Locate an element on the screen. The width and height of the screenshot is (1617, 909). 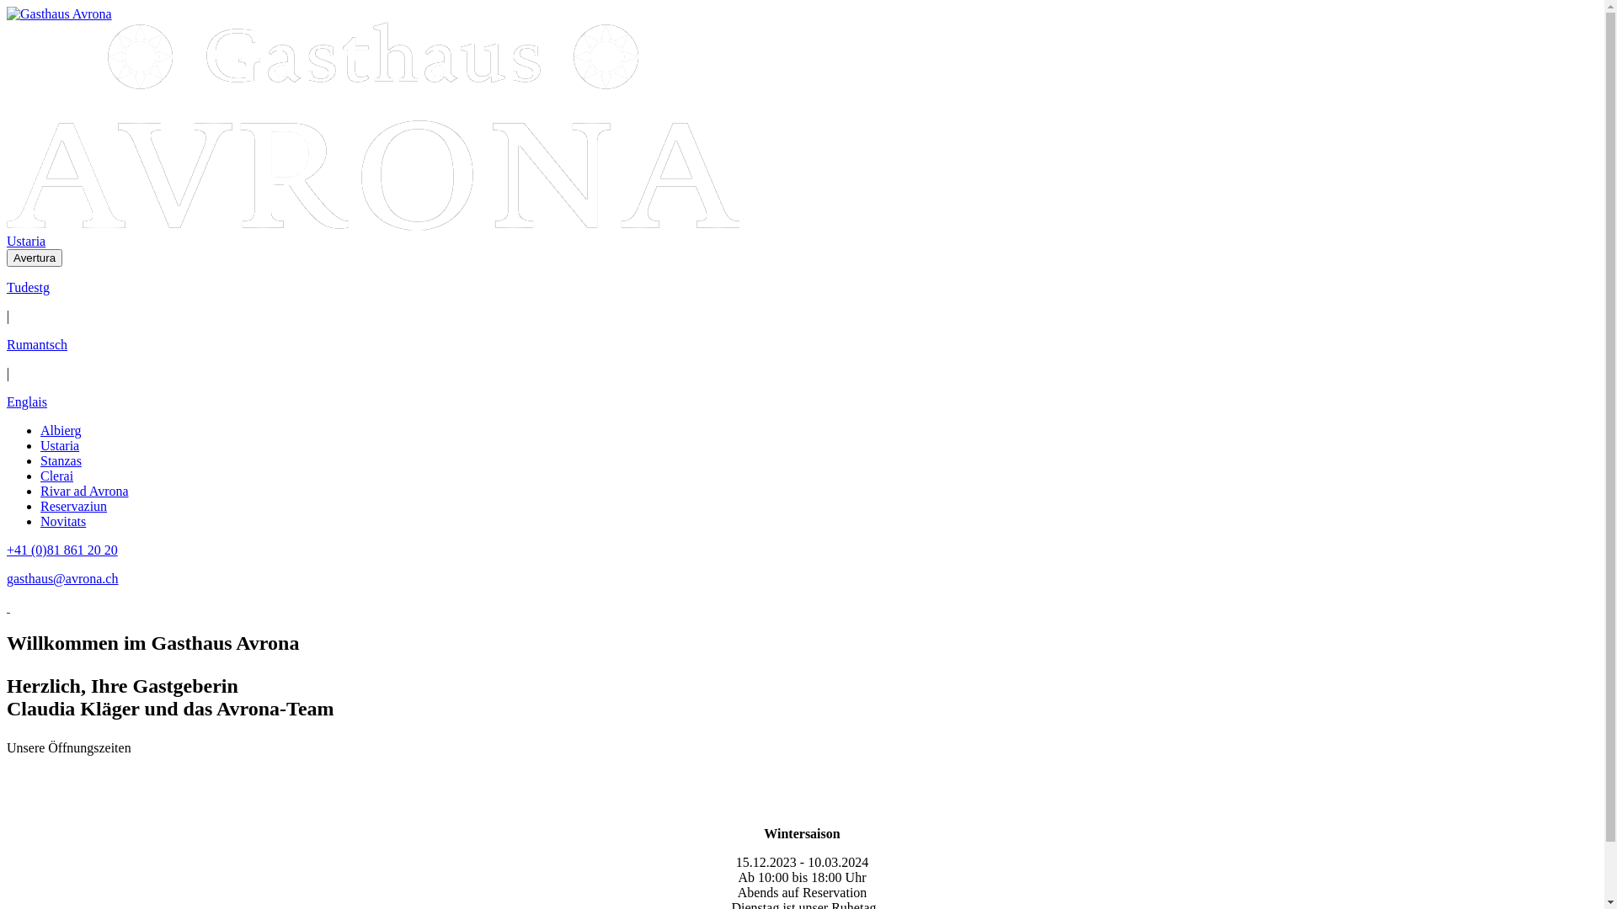
'Reservaziun' is located at coordinates (40, 505).